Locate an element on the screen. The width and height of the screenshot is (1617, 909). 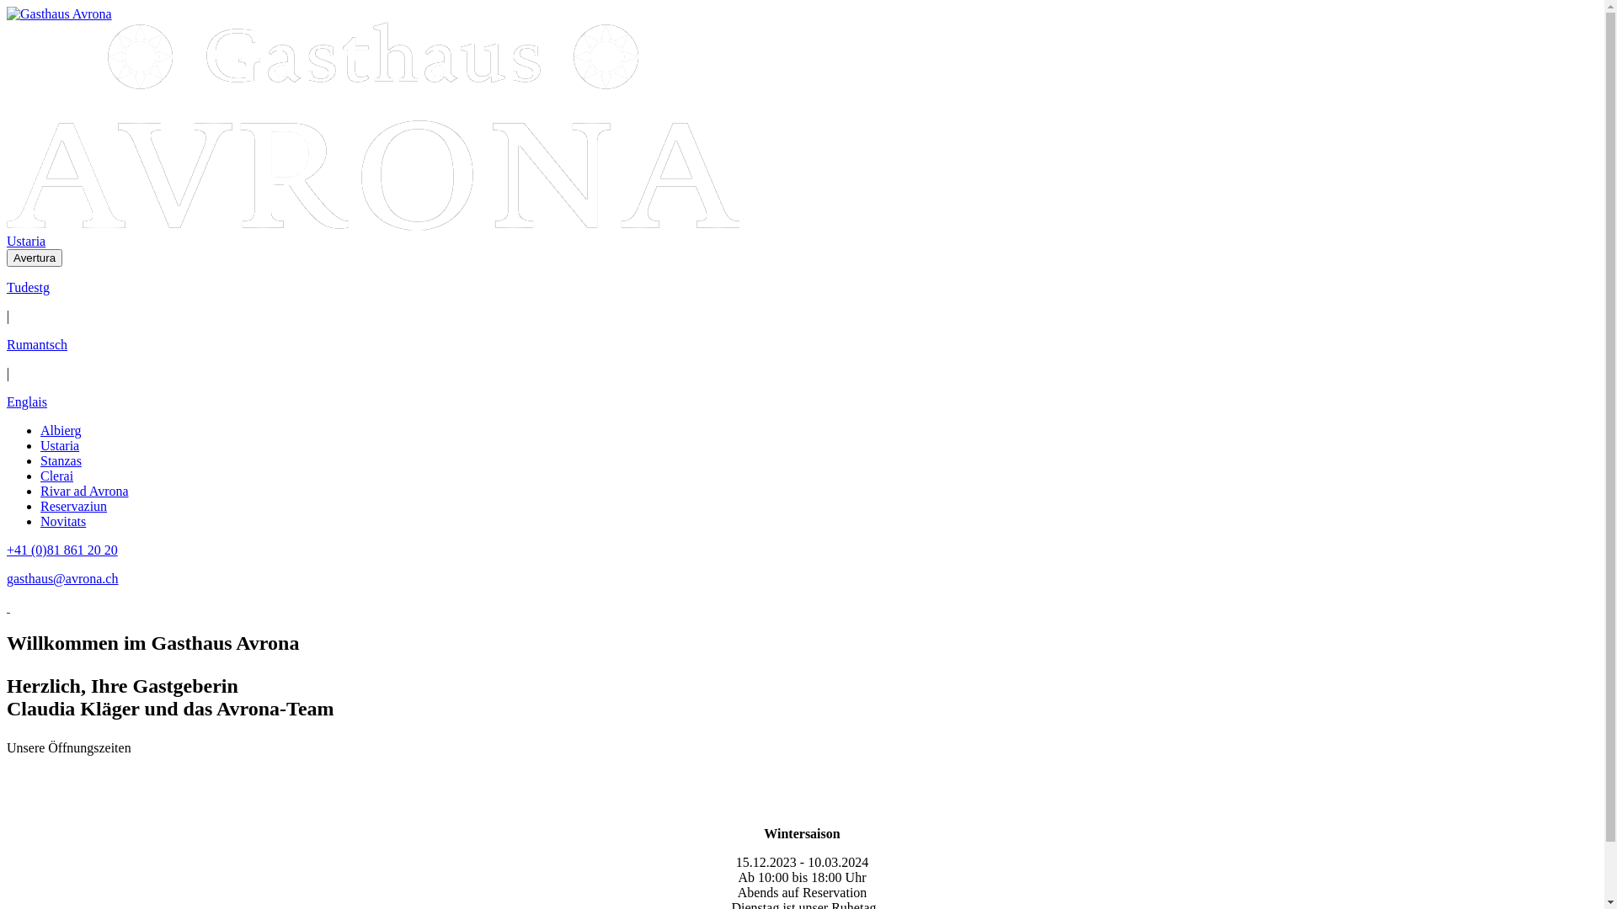
'Reservaziun' is located at coordinates (40, 505).